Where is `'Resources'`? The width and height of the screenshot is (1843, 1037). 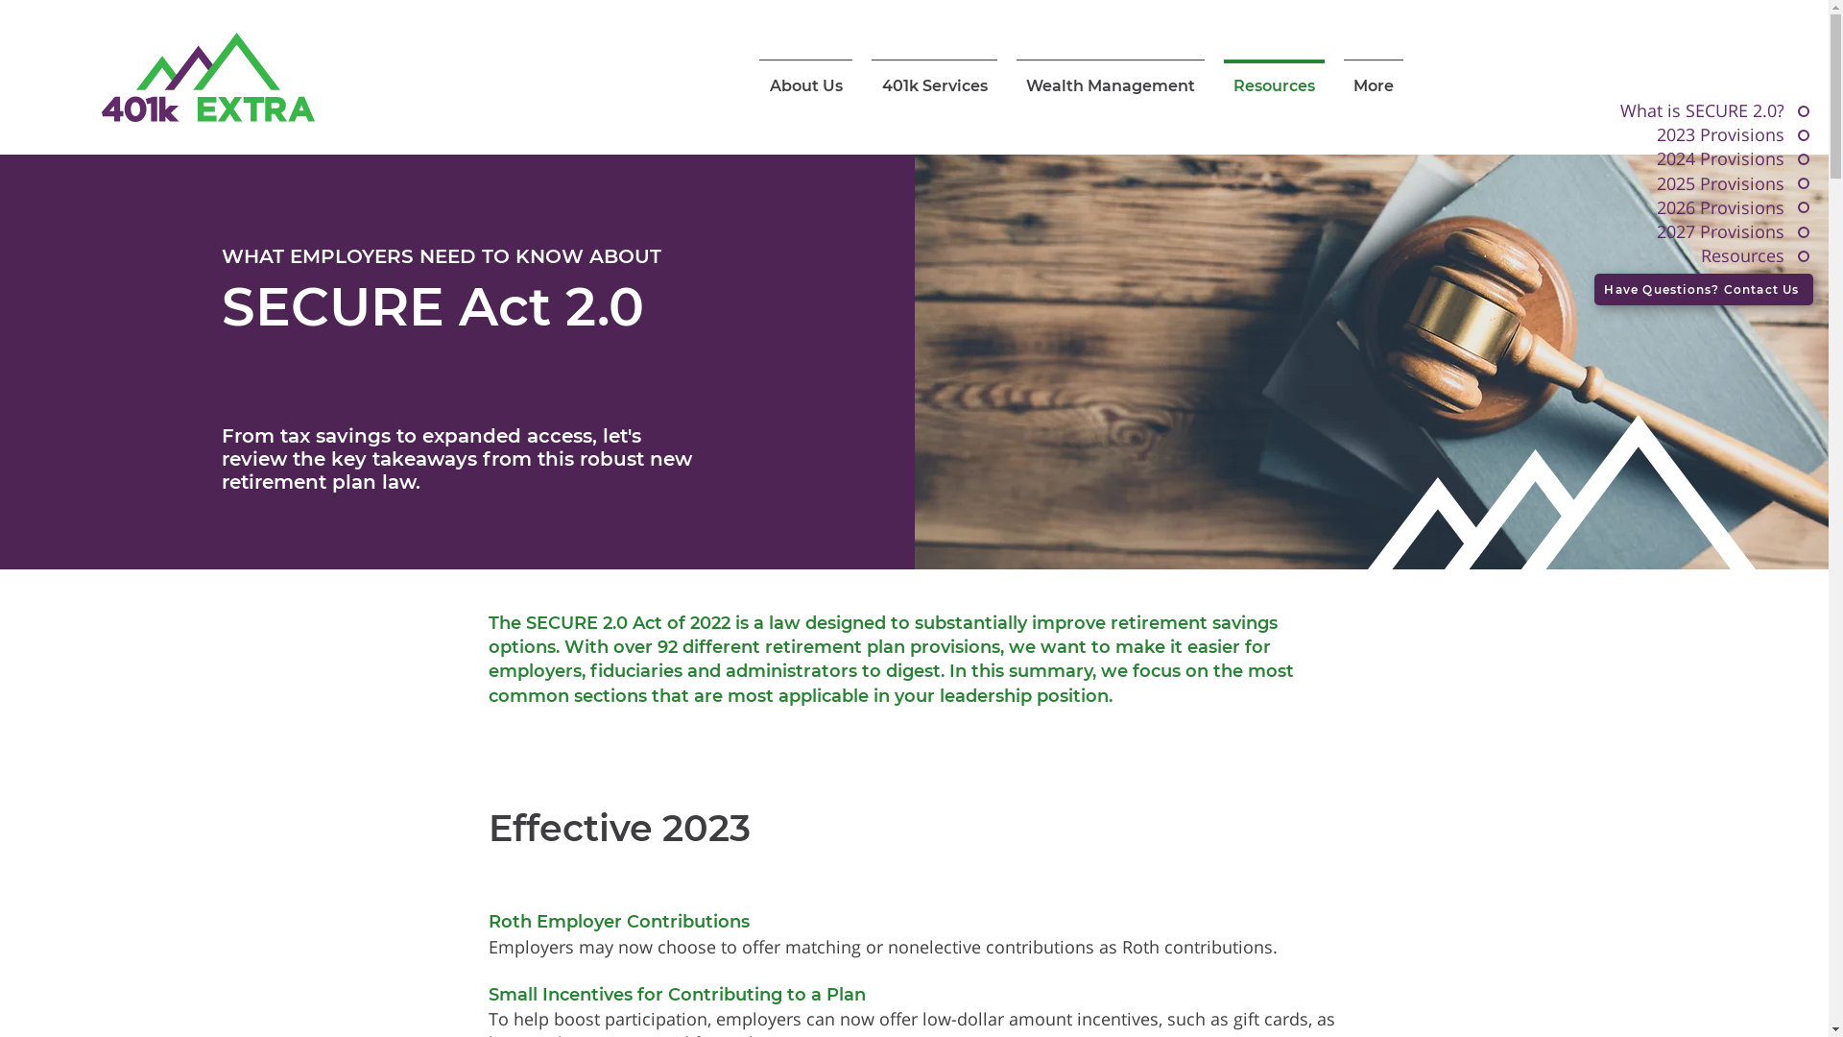 'Resources' is located at coordinates (1652, 254).